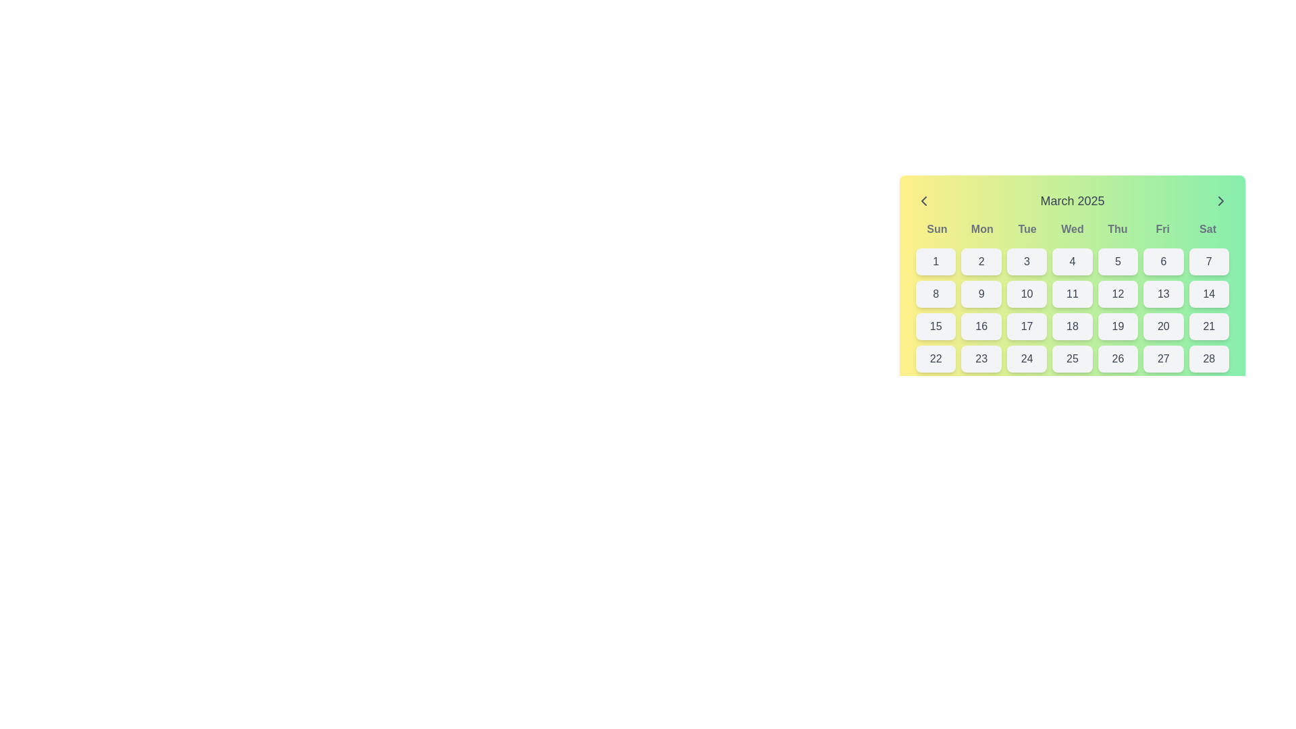 The width and height of the screenshot is (1296, 729). What do you see at coordinates (1208, 326) in the screenshot?
I see `the button representing the 21st day of March 2025` at bounding box center [1208, 326].